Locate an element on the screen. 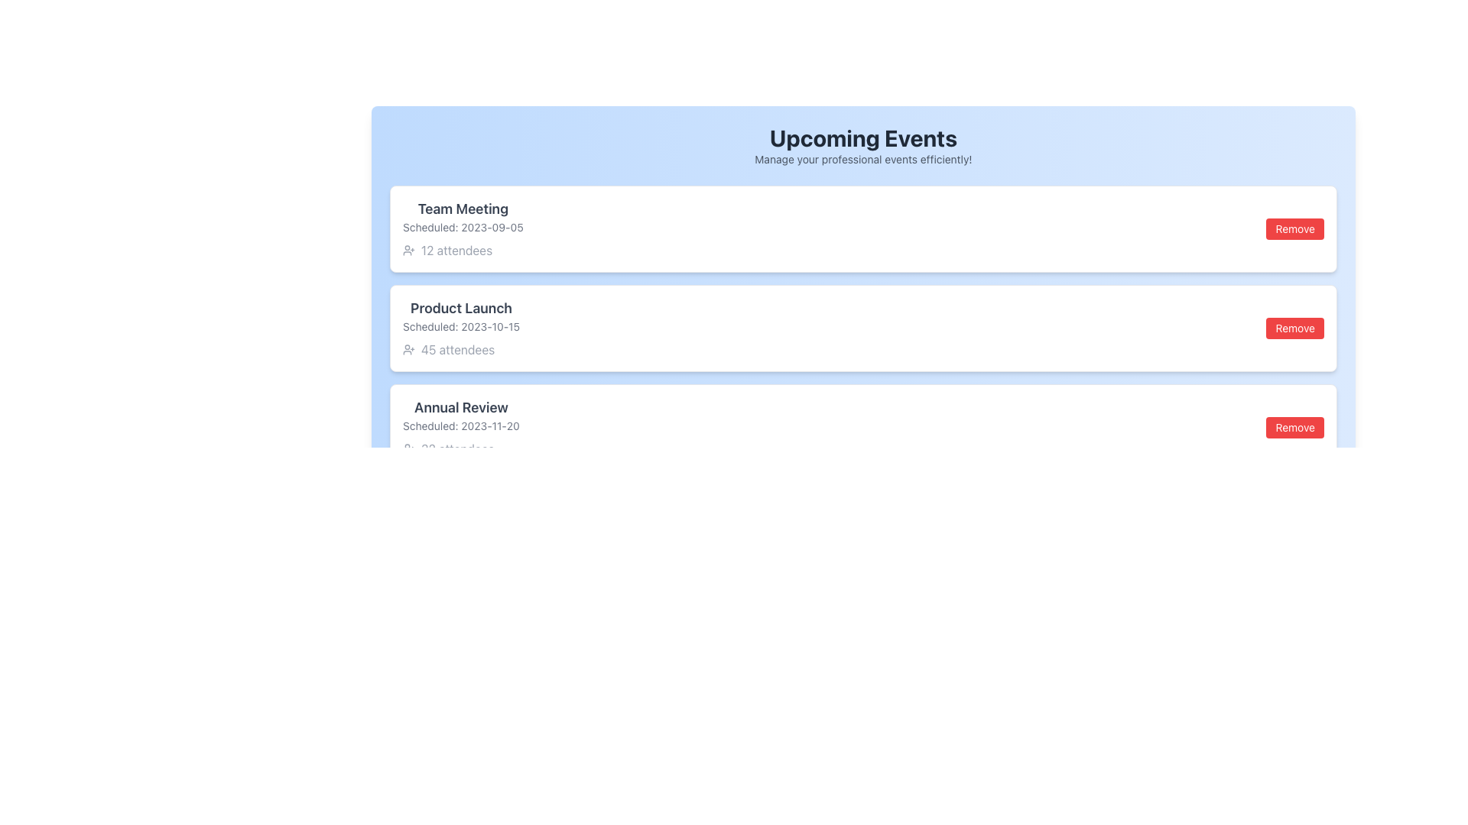  the decorative SVG icon representing the 'add user' concept, which is located to the left of the '12 attendees' text for the 'Team Meeting' event is located at coordinates (408, 249).